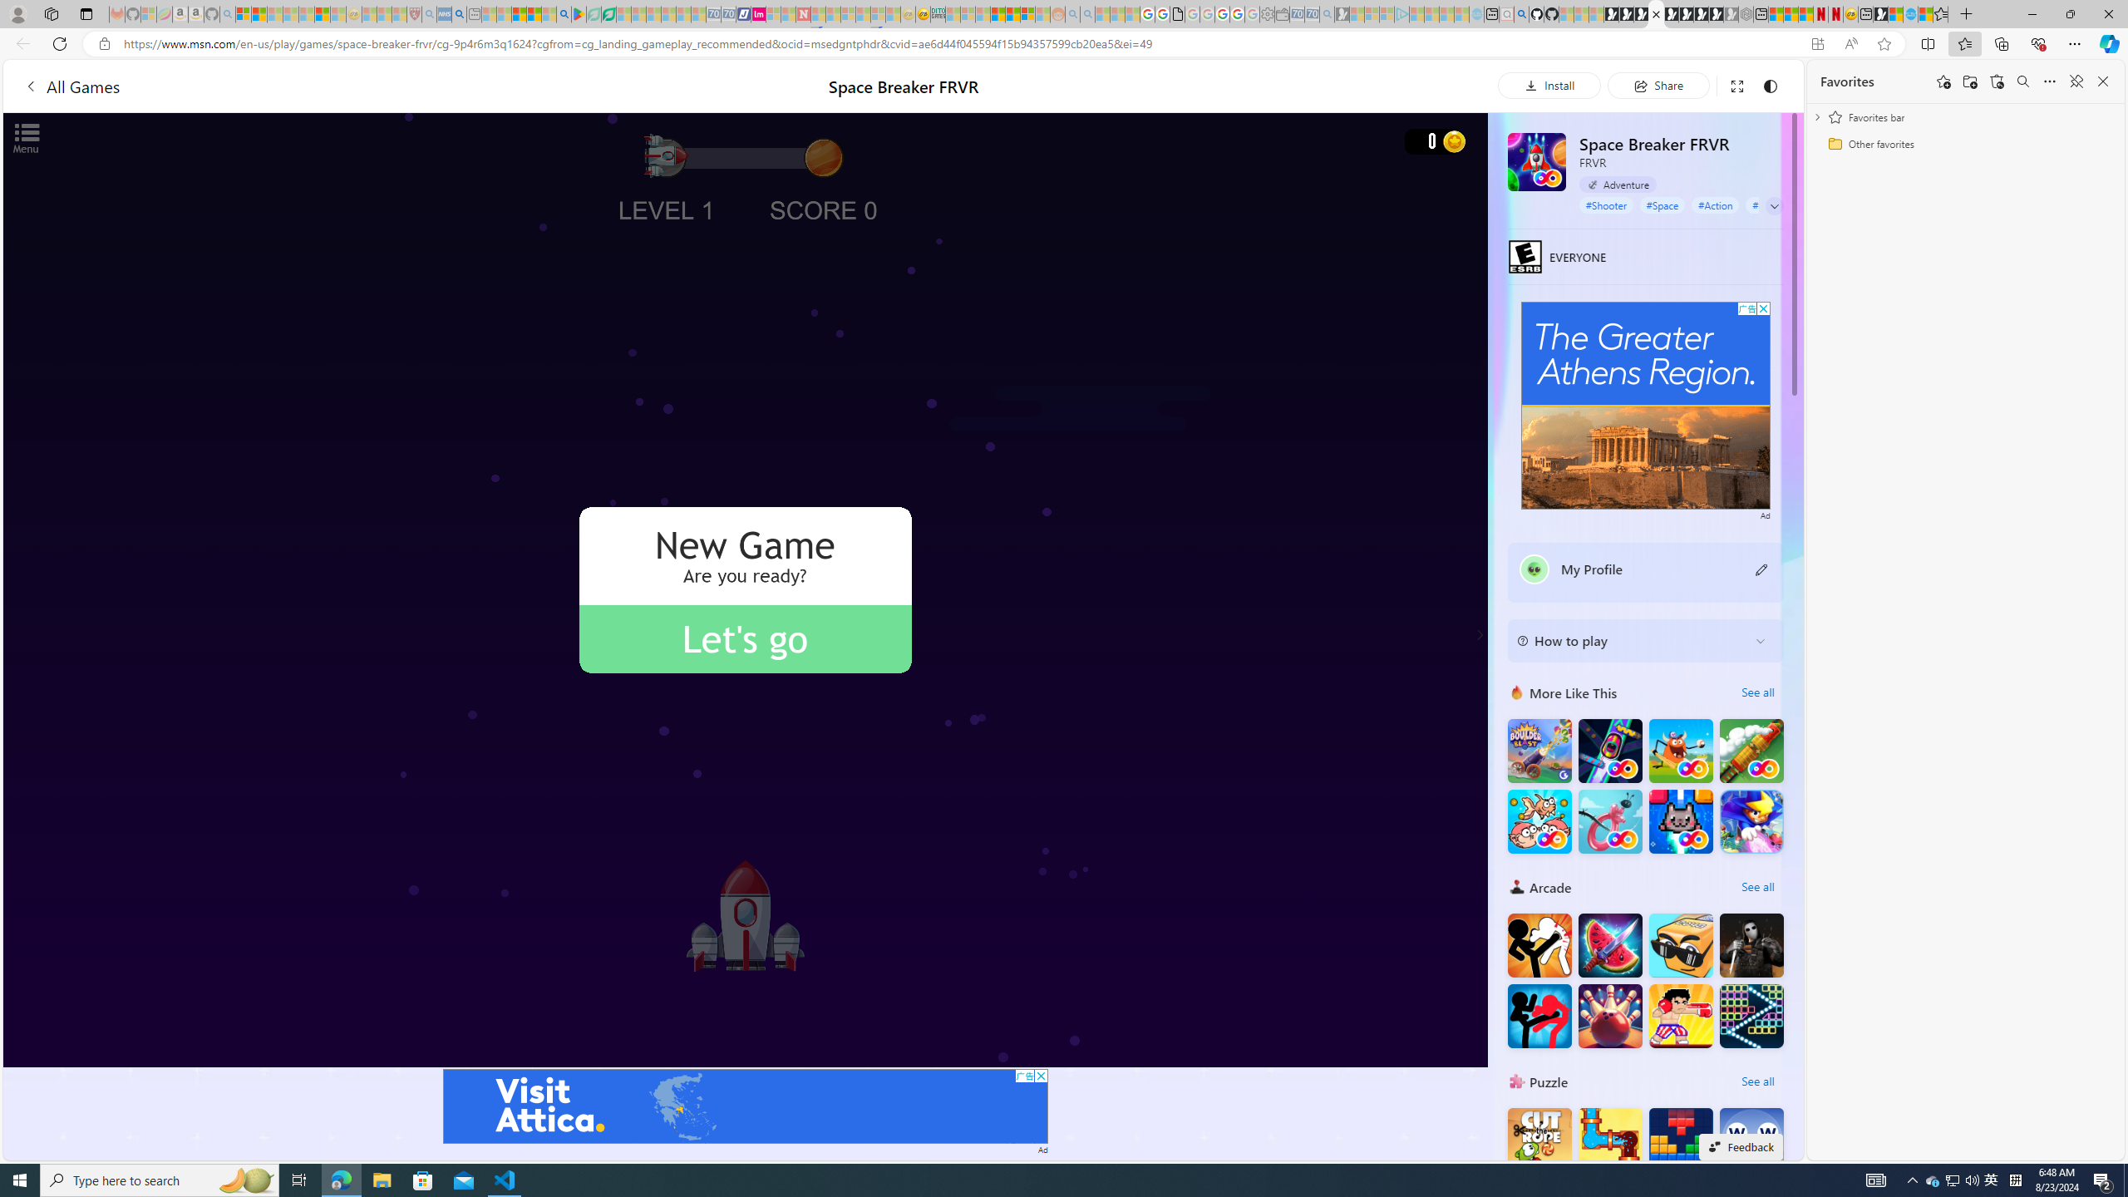 The height and width of the screenshot is (1197, 2128). Describe the element at coordinates (1617, 184) in the screenshot. I see `'Adventure'` at that location.